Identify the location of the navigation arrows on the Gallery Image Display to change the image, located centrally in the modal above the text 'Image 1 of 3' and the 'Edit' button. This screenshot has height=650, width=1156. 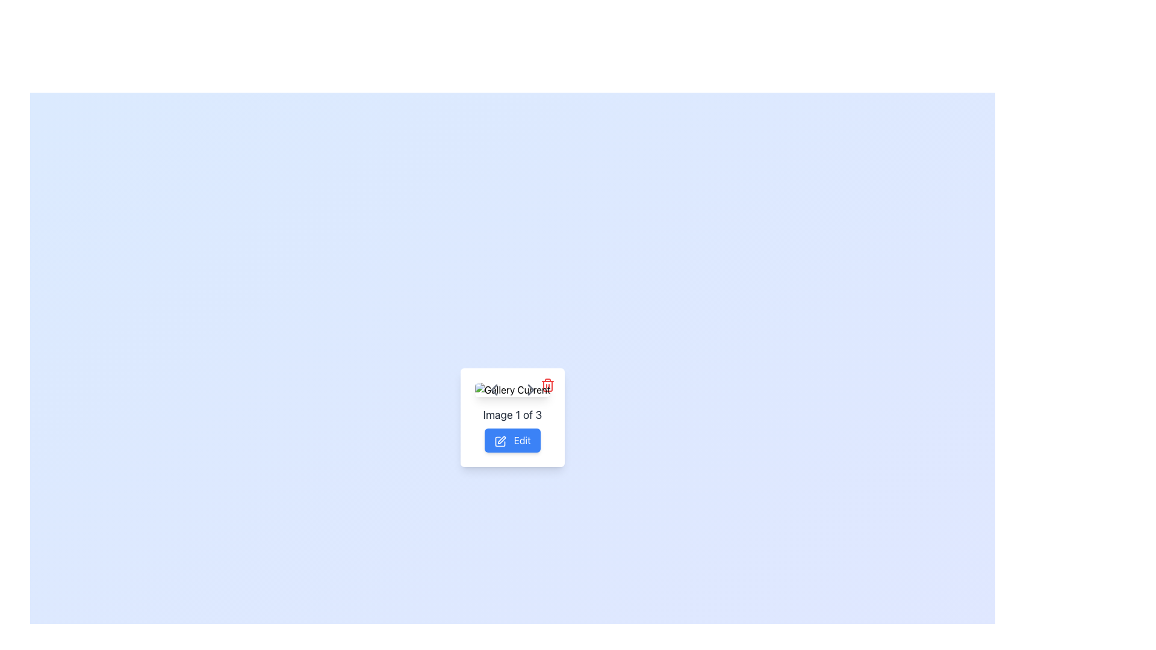
(512, 390).